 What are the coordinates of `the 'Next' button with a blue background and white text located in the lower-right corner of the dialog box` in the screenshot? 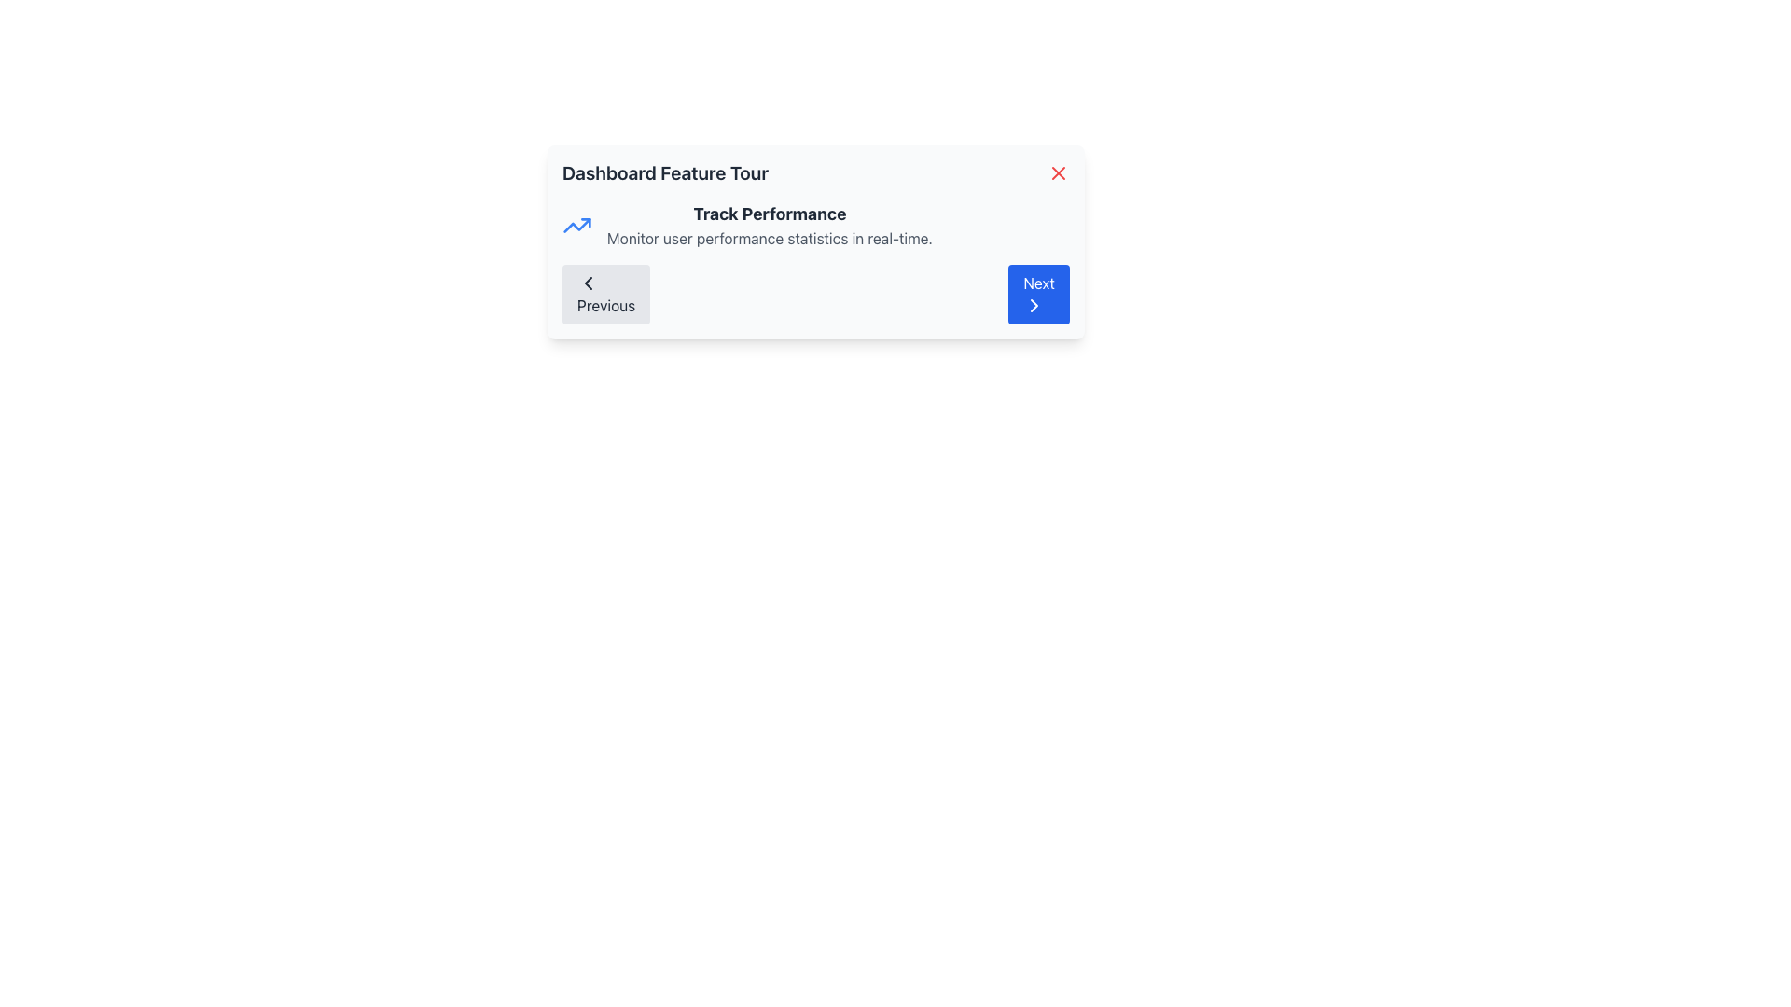 It's located at (1037, 294).